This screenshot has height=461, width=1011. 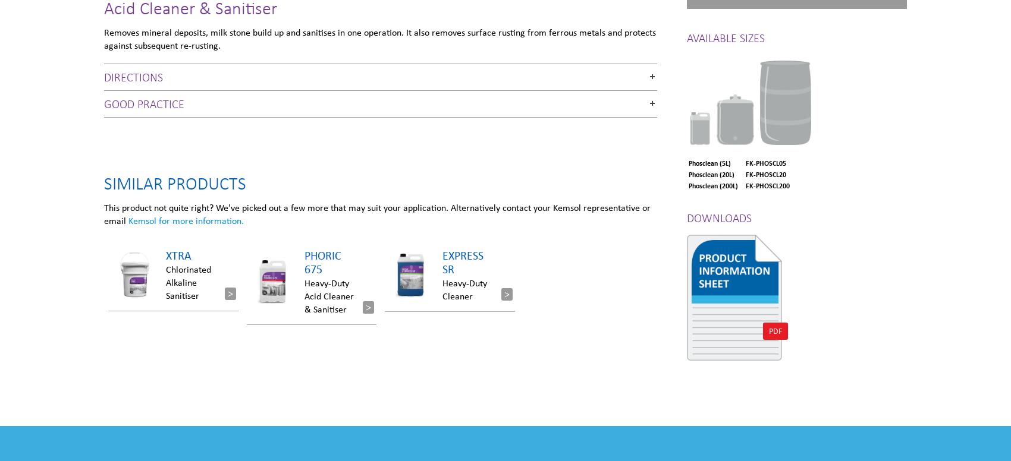 What do you see at coordinates (712, 185) in the screenshot?
I see `'Phosclean (200L)'` at bounding box center [712, 185].